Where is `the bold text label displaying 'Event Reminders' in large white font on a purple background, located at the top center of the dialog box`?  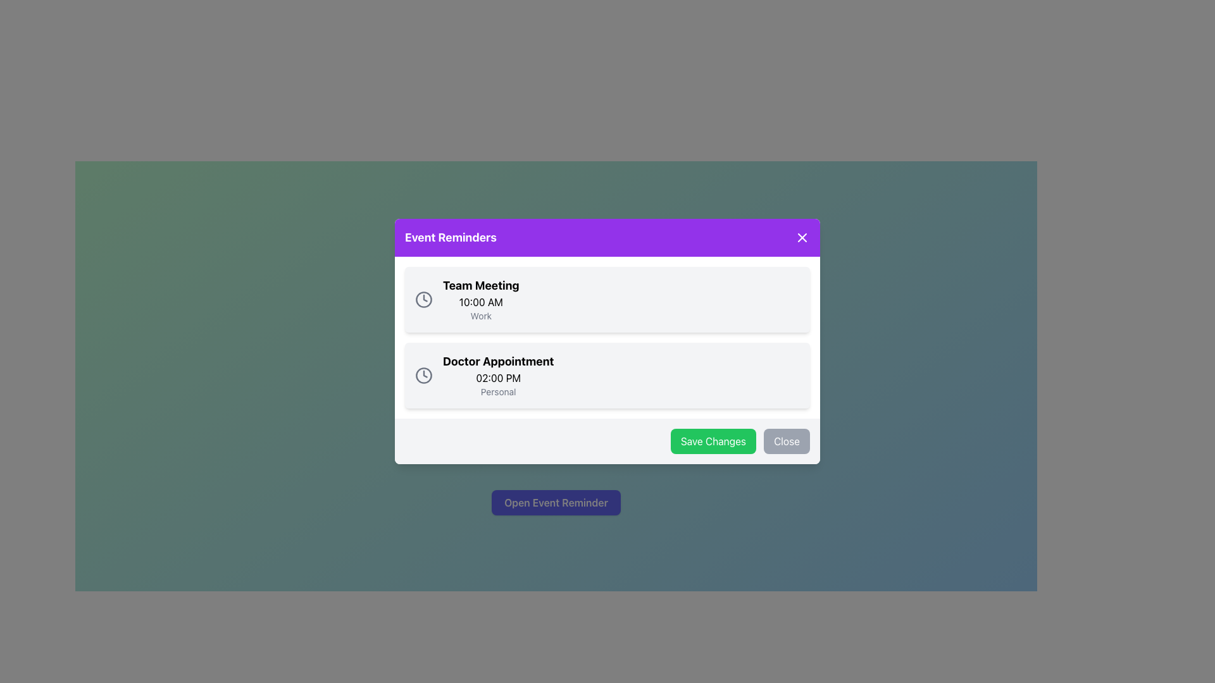 the bold text label displaying 'Event Reminders' in large white font on a purple background, located at the top center of the dialog box is located at coordinates (451, 237).